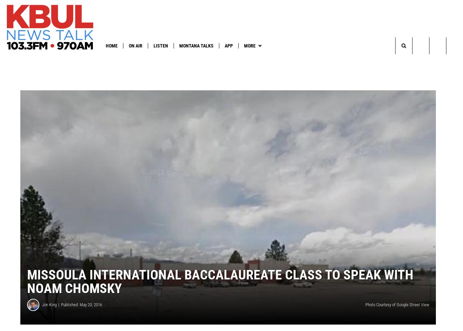 The width and height of the screenshot is (463, 331). I want to click on 'Latest on Montana Legislature', so click(76, 59).